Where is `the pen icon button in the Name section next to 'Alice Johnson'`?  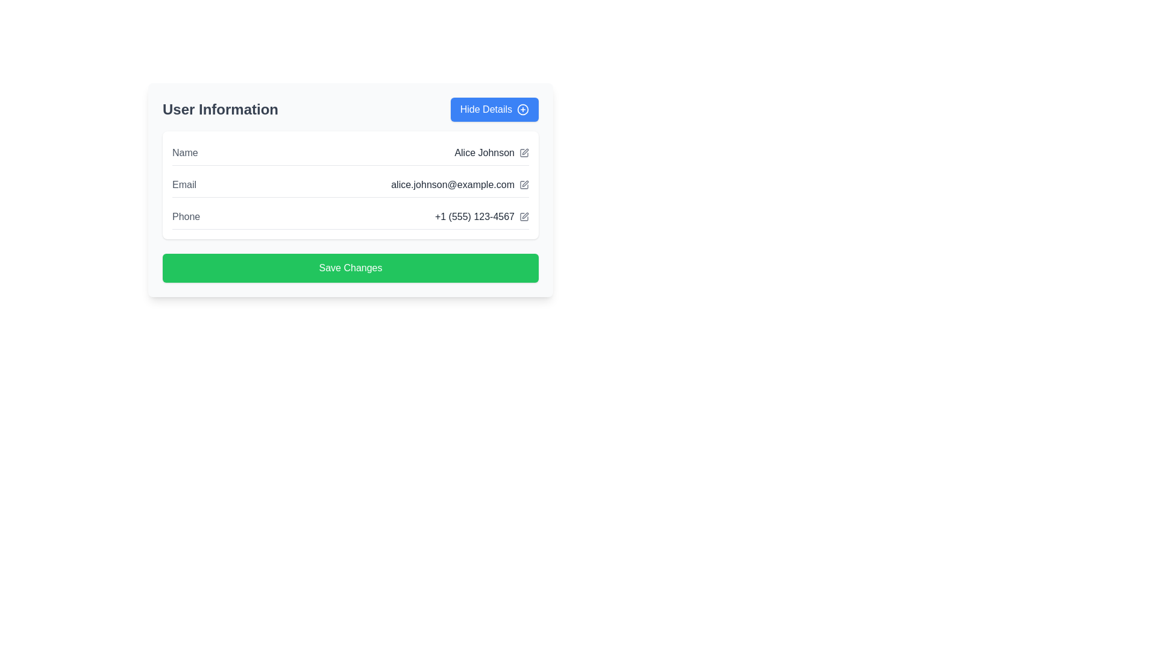 the pen icon button in the Name section next to 'Alice Johnson' is located at coordinates (524, 153).